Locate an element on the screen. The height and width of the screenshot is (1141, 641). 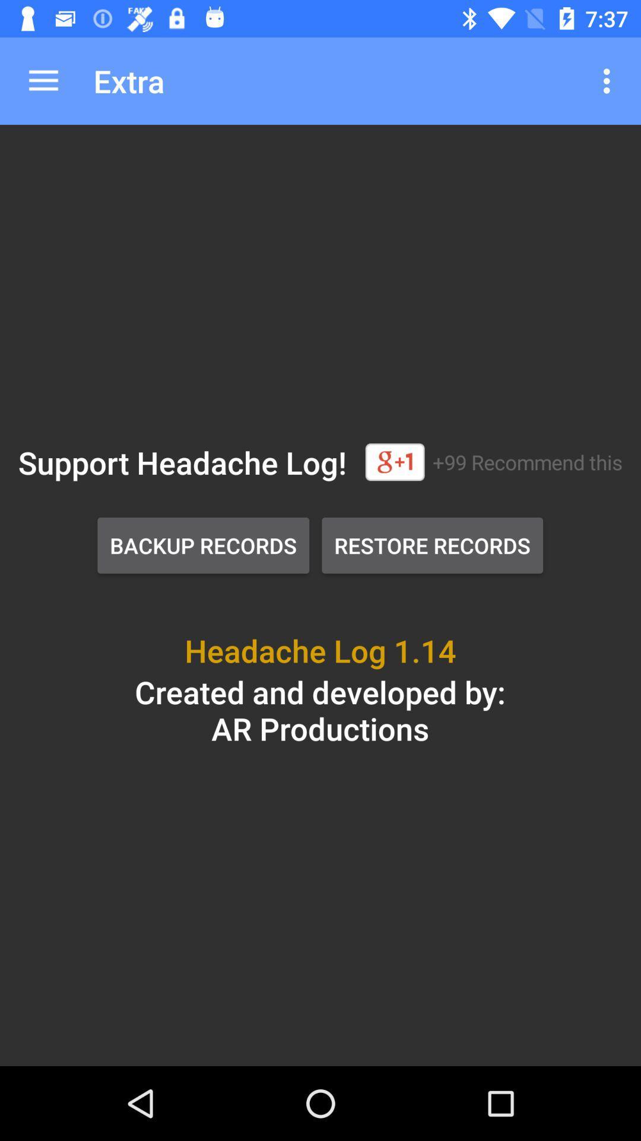
item above the +99 recommend this icon is located at coordinates (610, 80).